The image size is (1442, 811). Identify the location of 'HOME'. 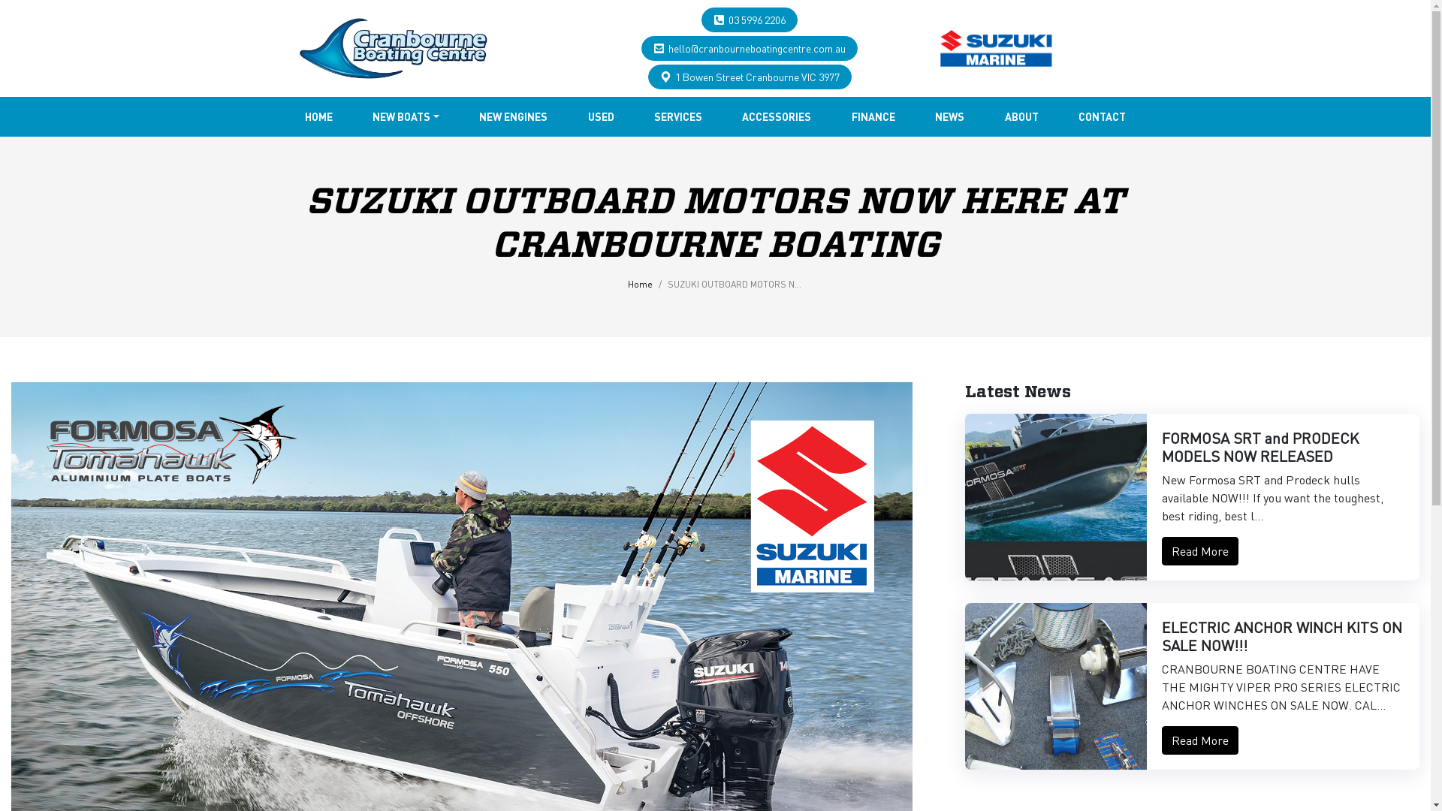
(318, 116).